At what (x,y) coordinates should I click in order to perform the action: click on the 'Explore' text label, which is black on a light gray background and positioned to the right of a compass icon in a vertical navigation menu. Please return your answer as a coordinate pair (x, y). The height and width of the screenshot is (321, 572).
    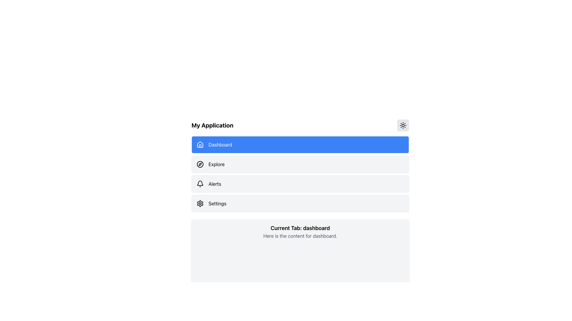
    Looking at the image, I should click on (216, 164).